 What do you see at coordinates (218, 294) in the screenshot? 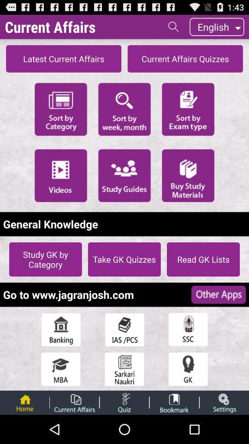
I see `icon to the right of the go to www` at bounding box center [218, 294].